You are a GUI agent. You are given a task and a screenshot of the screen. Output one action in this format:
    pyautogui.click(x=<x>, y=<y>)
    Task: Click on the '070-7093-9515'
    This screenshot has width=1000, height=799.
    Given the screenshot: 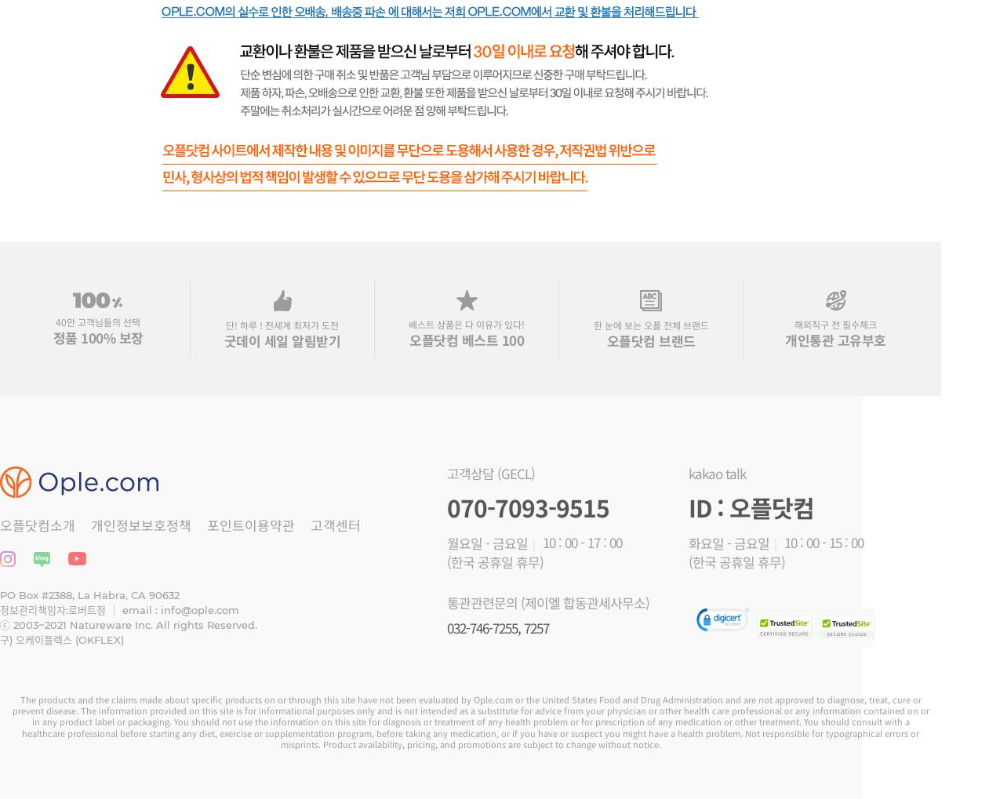 What is the action you would take?
    pyautogui.click(x=446, y=507)
    